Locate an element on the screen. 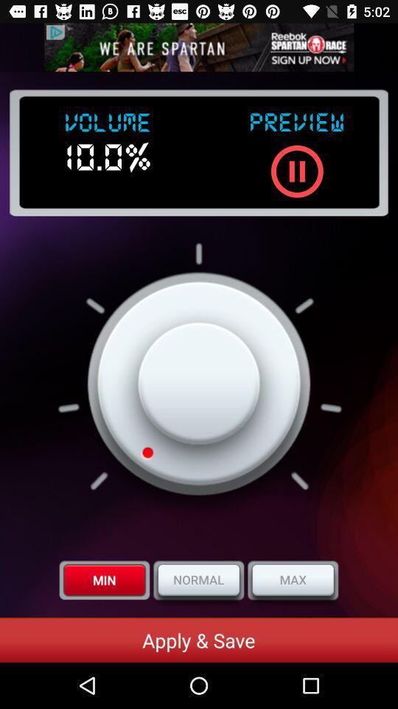  the pause icon is located at coordinates (297, 171).